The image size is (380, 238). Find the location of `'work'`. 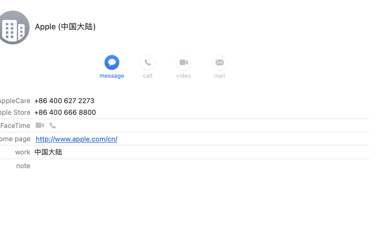

'work' is located at coordinates (22, 152).